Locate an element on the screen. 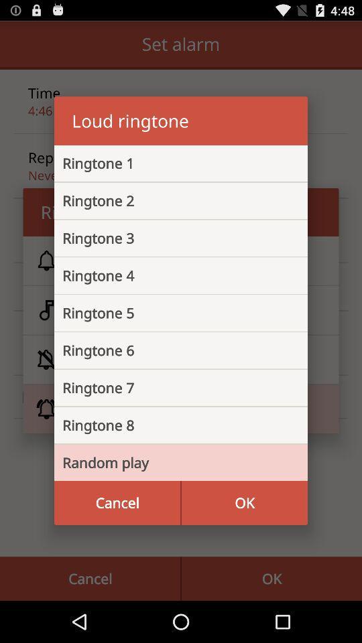 The width and height of the screenshot is (362, 643). icon above the ringtone 5 item is located at coordinates (170, 275).